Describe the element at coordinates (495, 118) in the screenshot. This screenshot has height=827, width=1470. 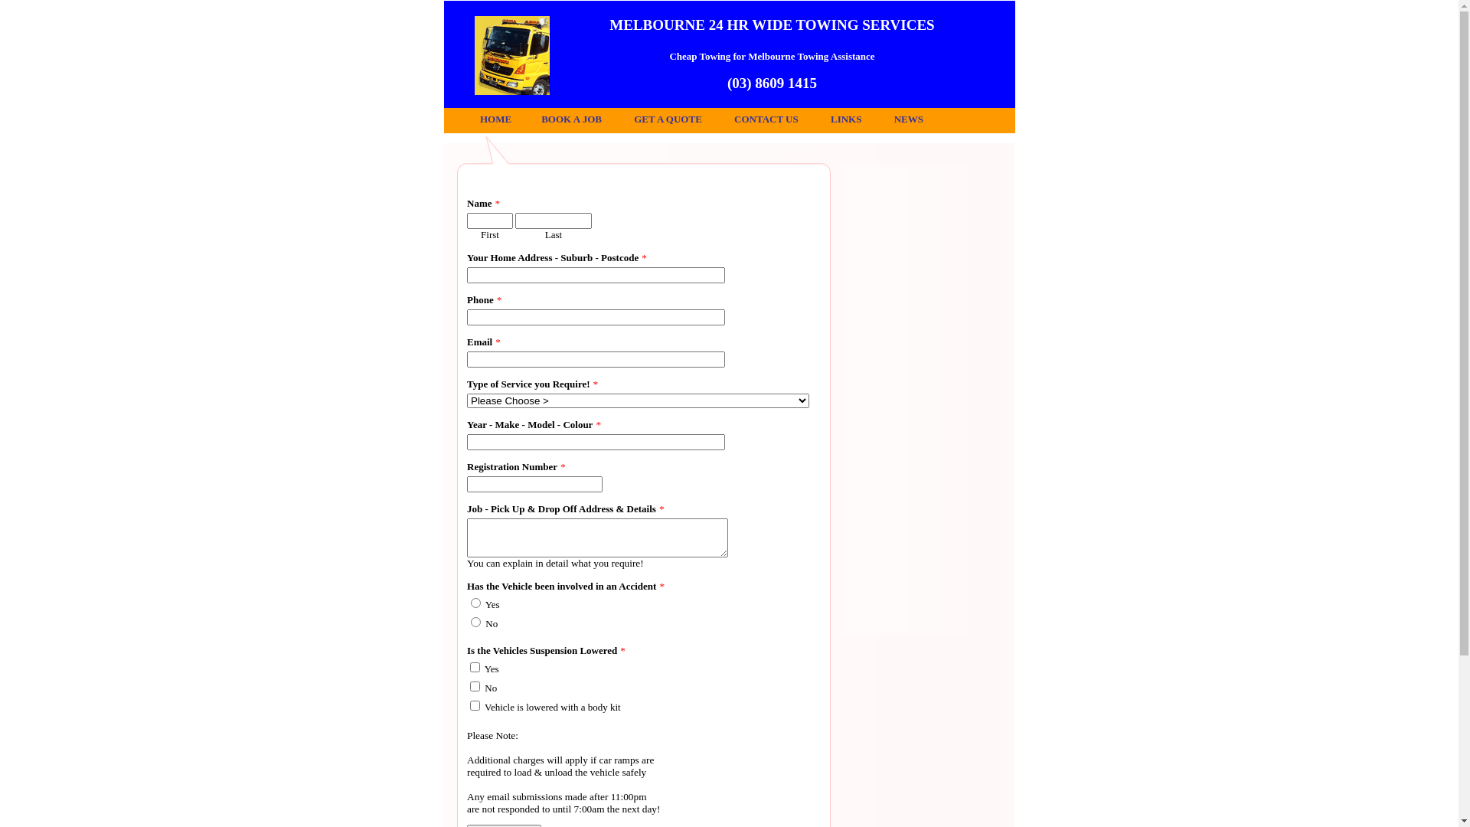
I see `'HOME'` at that location.